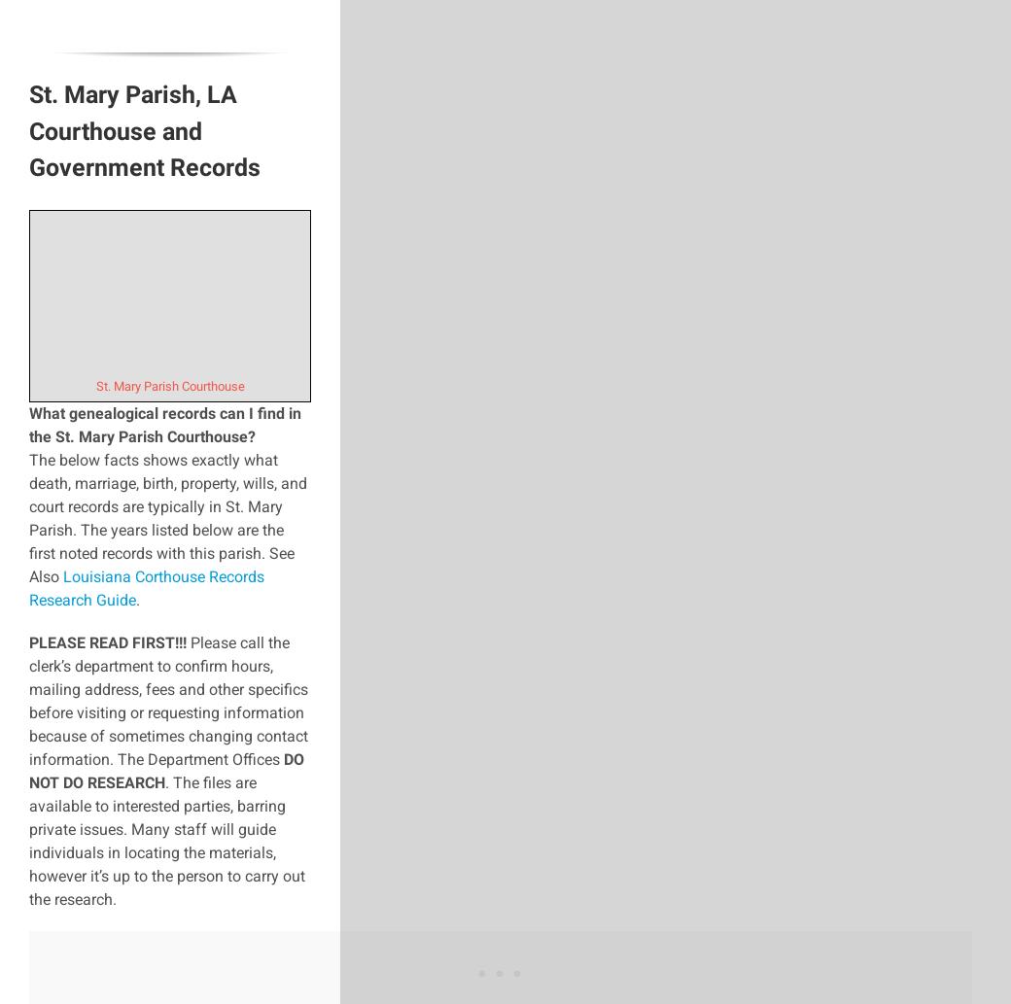  Describe the element at coordinates (166, 770) in the screenshot. I see `'DO NOT DO RESEARCH'` at that location.